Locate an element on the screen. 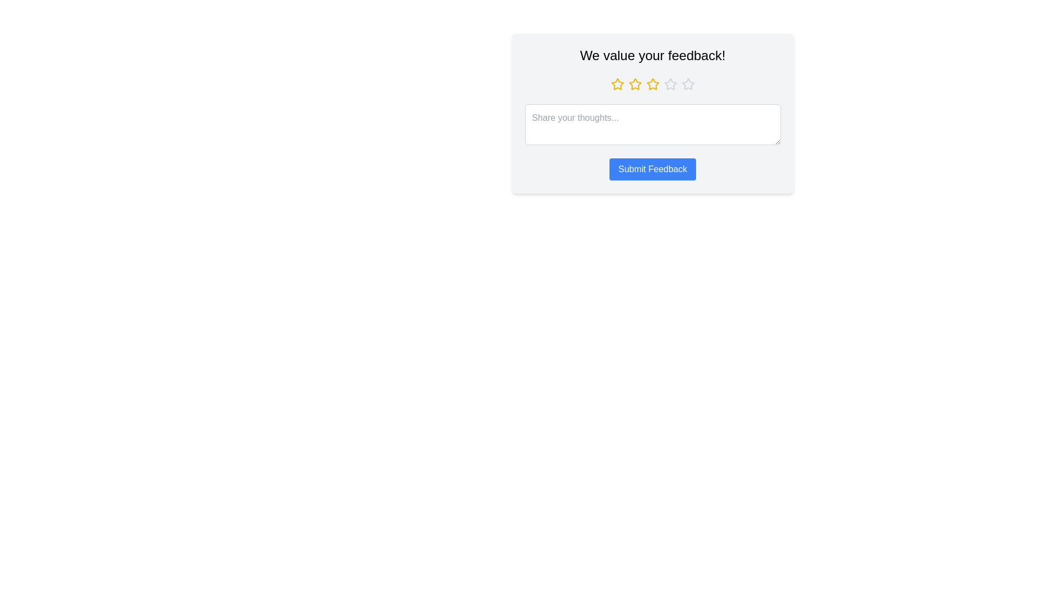  the submit button located at the bottom center of the feedback card is located at coordinates (652, 169).